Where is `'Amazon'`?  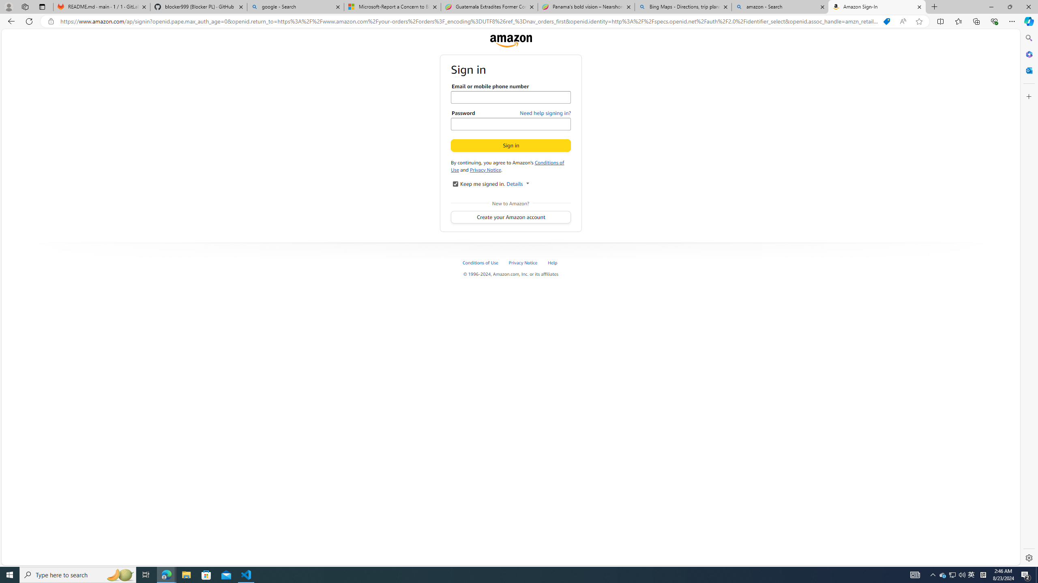 'Amazon' is located at coordinates (510, 40).